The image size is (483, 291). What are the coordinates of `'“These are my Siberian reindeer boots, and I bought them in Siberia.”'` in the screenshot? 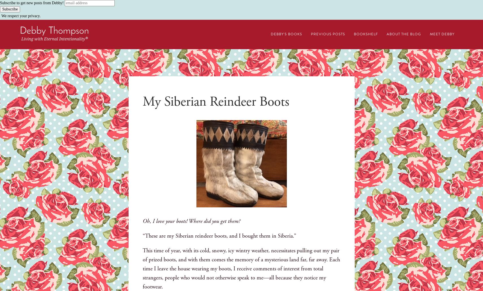 It's located at (219, 236).